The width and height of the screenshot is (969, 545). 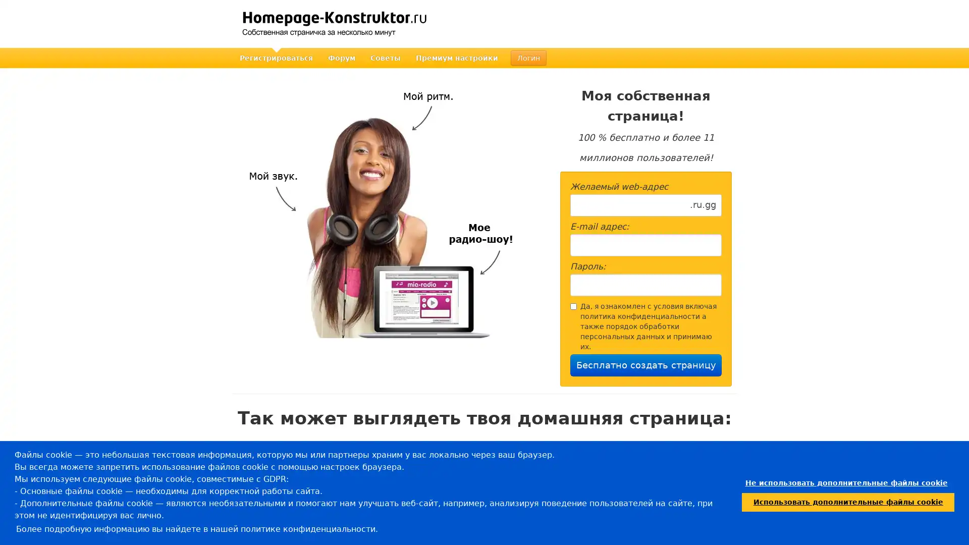 What do you see at coordinates (846, 482) in the screenshot?
I see `dismiss cookie message` at bounding box center [846, 482].